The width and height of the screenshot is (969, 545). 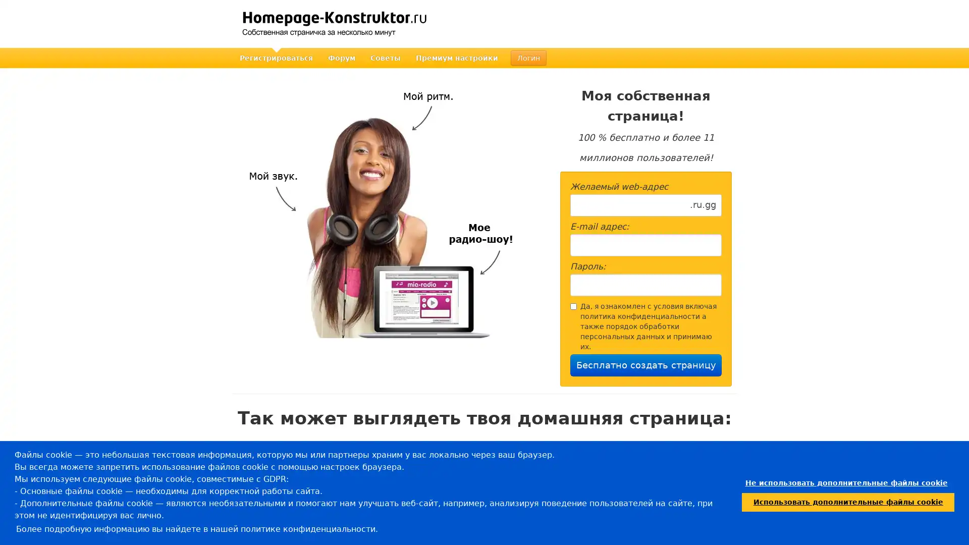 What do you see at coordinates (846, 482) in the screenshot?
I see `dismiss cookie message` at bounding box center [846, 482].